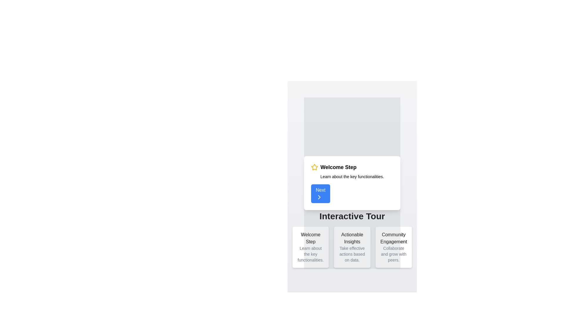 Image resolution: width=564 pixels, height=317 pixels. I want to click on the descriptive text label providing context for the 'Community Engagement' card located in the bottom-right corner of the card set, so click(394, 254).